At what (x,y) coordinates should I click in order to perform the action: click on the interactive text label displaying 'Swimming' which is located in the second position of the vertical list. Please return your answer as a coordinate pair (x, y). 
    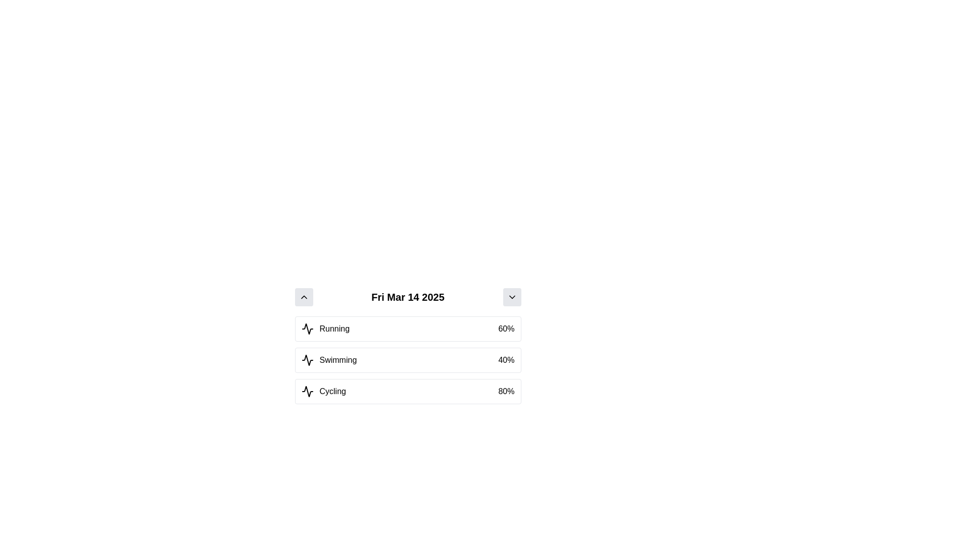
    Looking at the image, I should click on (338, 359).